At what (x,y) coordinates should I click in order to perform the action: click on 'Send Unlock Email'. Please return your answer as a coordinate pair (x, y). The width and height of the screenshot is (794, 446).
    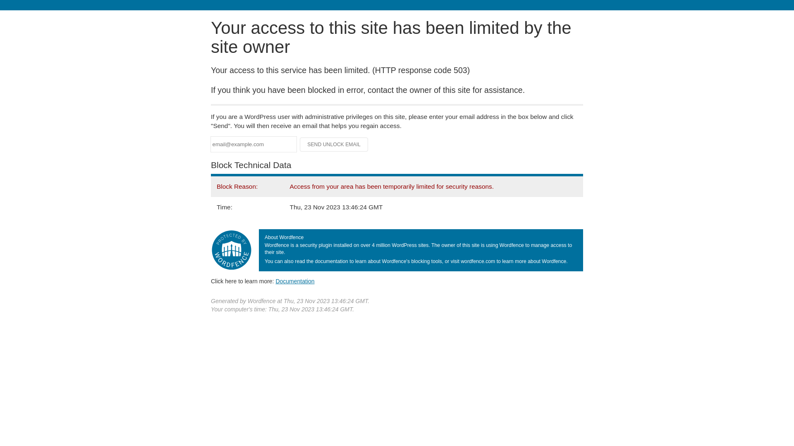
    Looking at the image, I should click on (334, 144).